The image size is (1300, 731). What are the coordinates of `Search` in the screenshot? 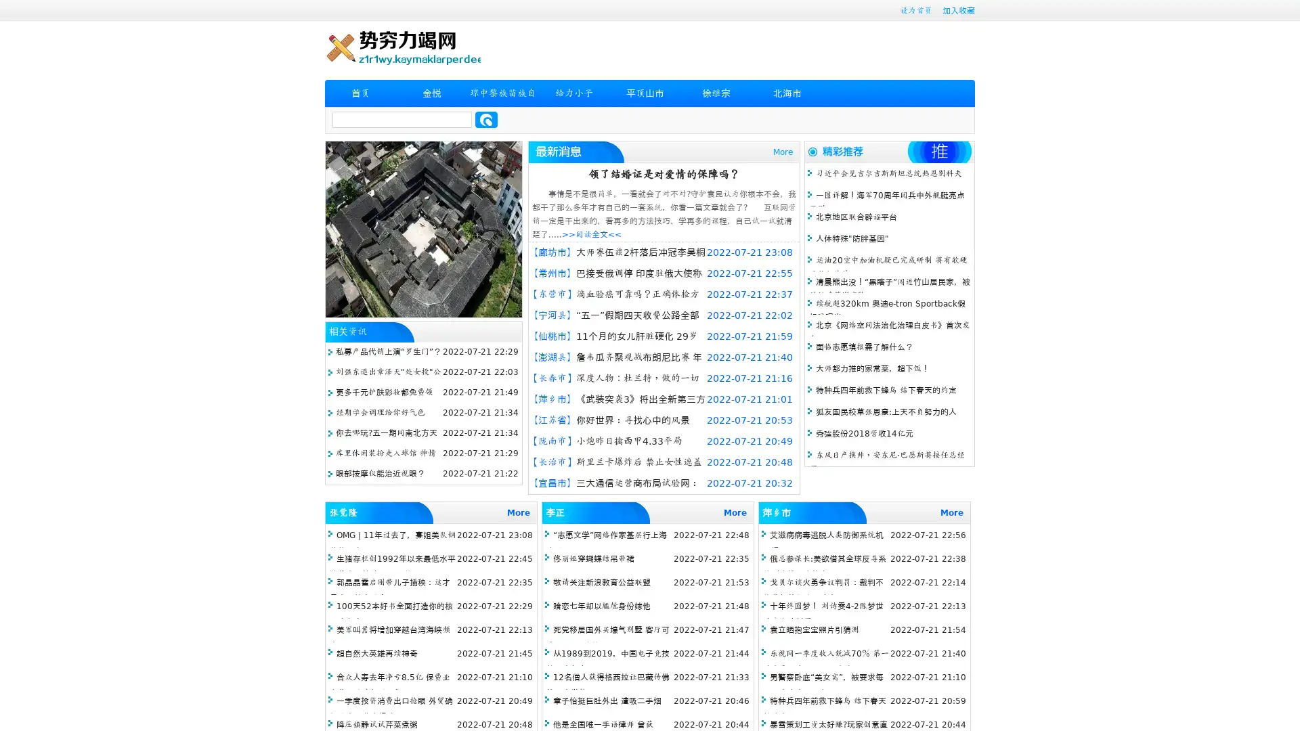 It's located at (486, 119).